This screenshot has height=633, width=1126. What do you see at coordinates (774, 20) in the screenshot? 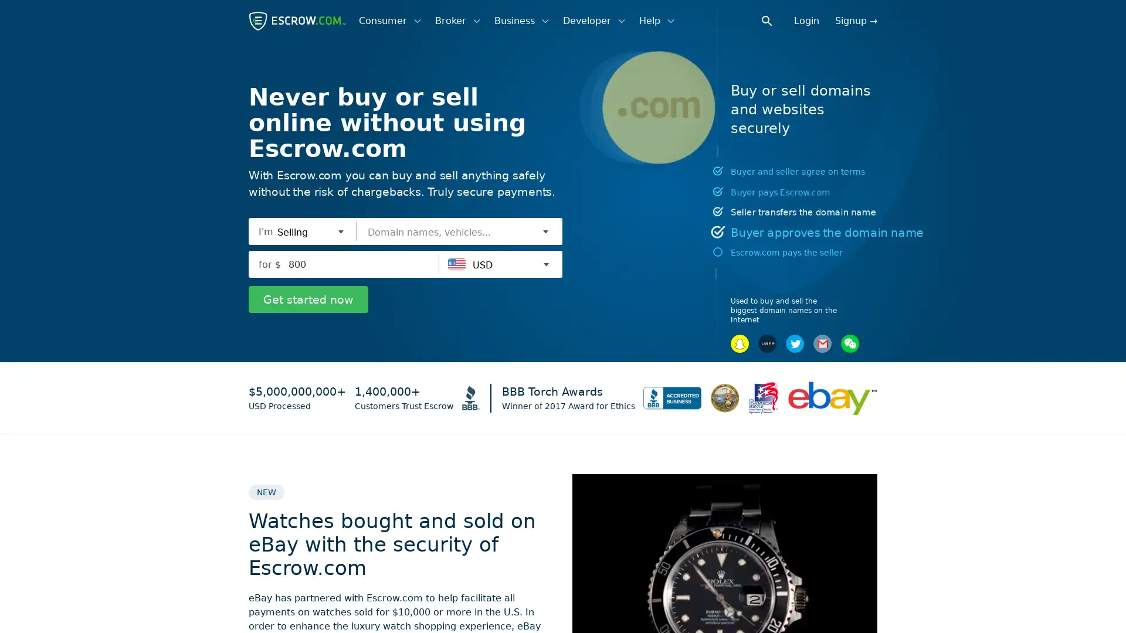
I see `Close search` at bounding box center [774, 20].